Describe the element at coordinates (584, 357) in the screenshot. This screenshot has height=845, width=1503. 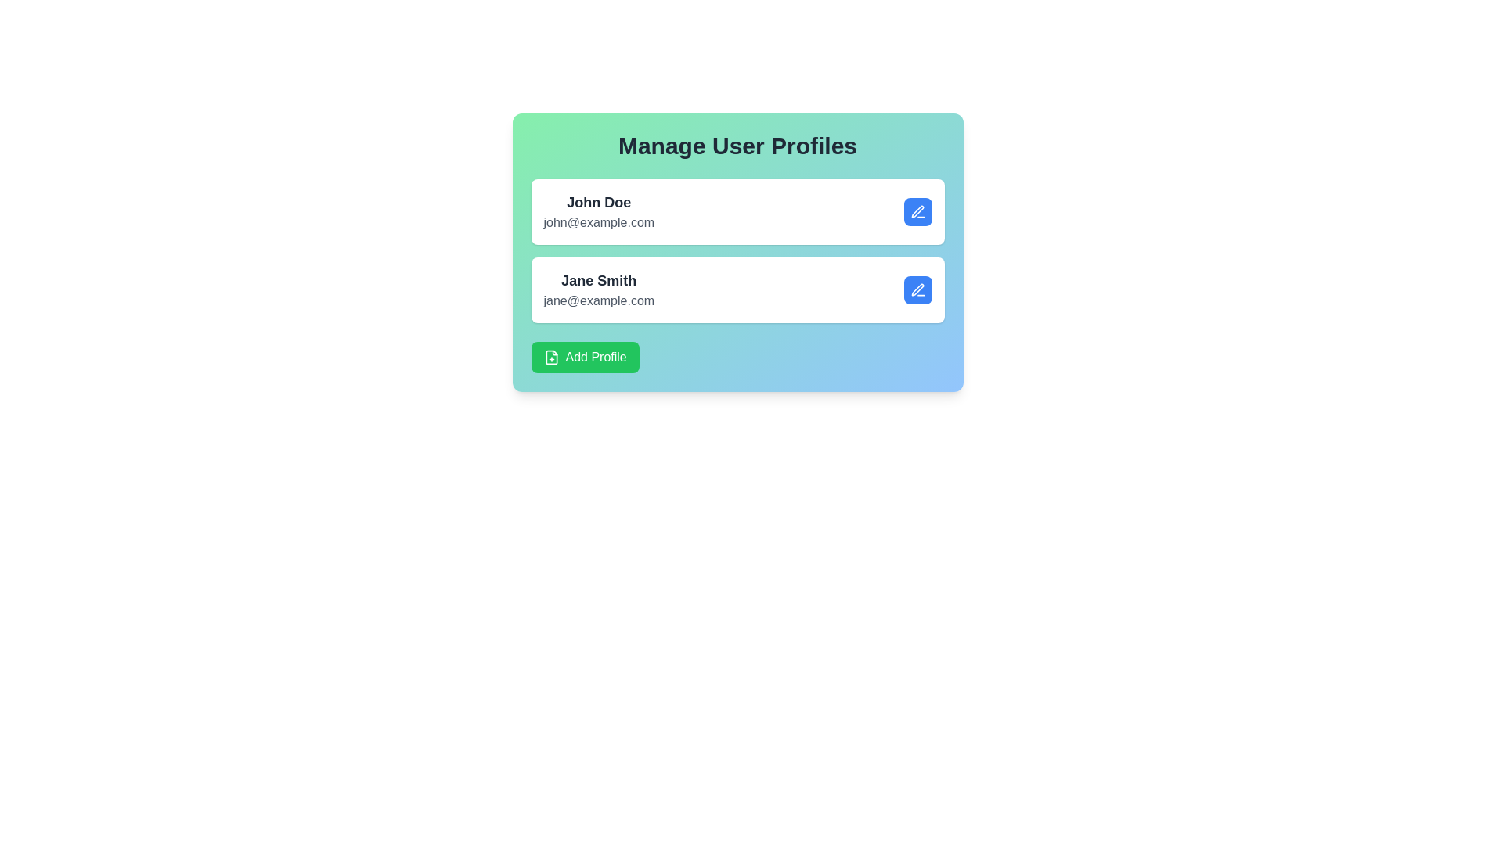
I see `the green 'Add Profile' button located at the bottom center of the user profile card to initiate adding a profile` at that location.